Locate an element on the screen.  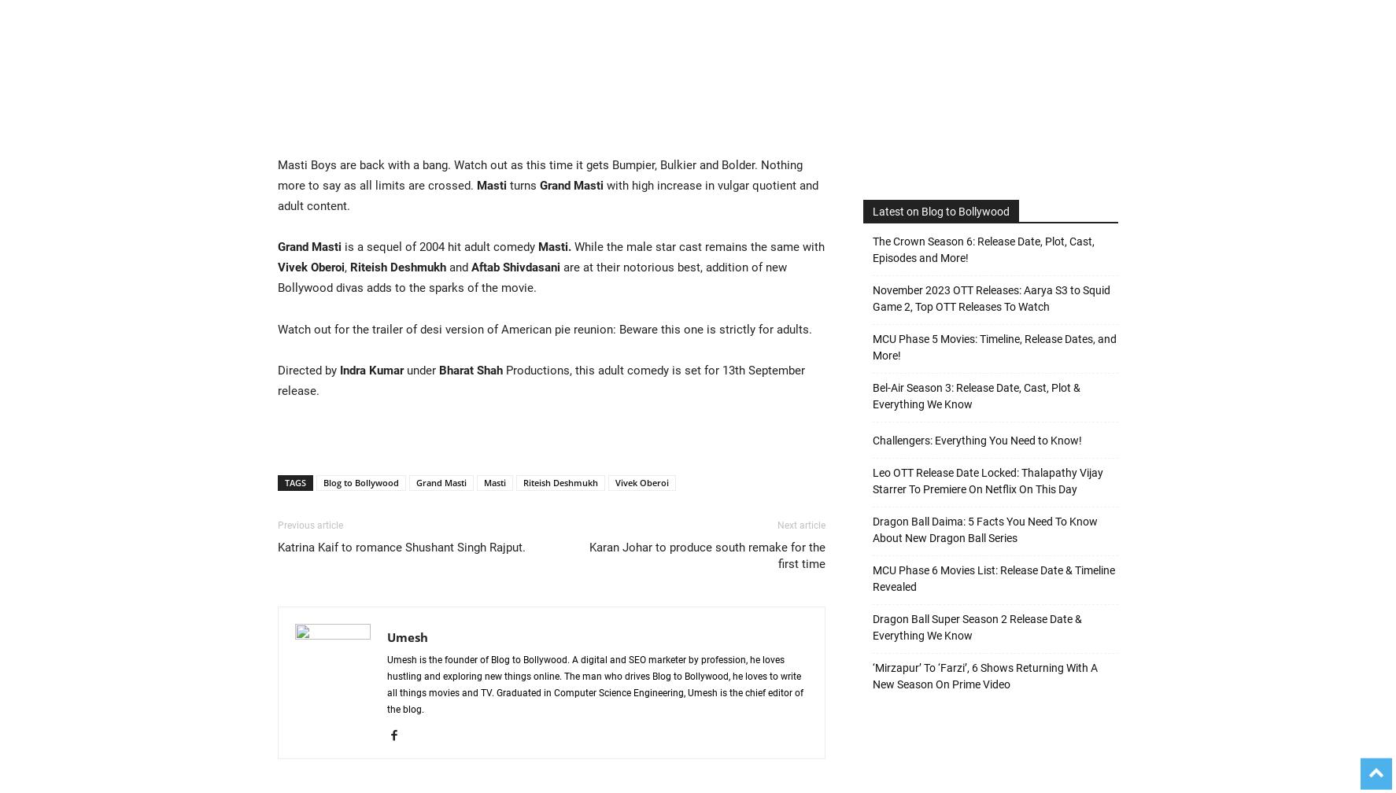
'Dragon Ball Daima: 5 Facts You Need To Know About New Dragon Ball Series' is located at coordinates (984, 529).